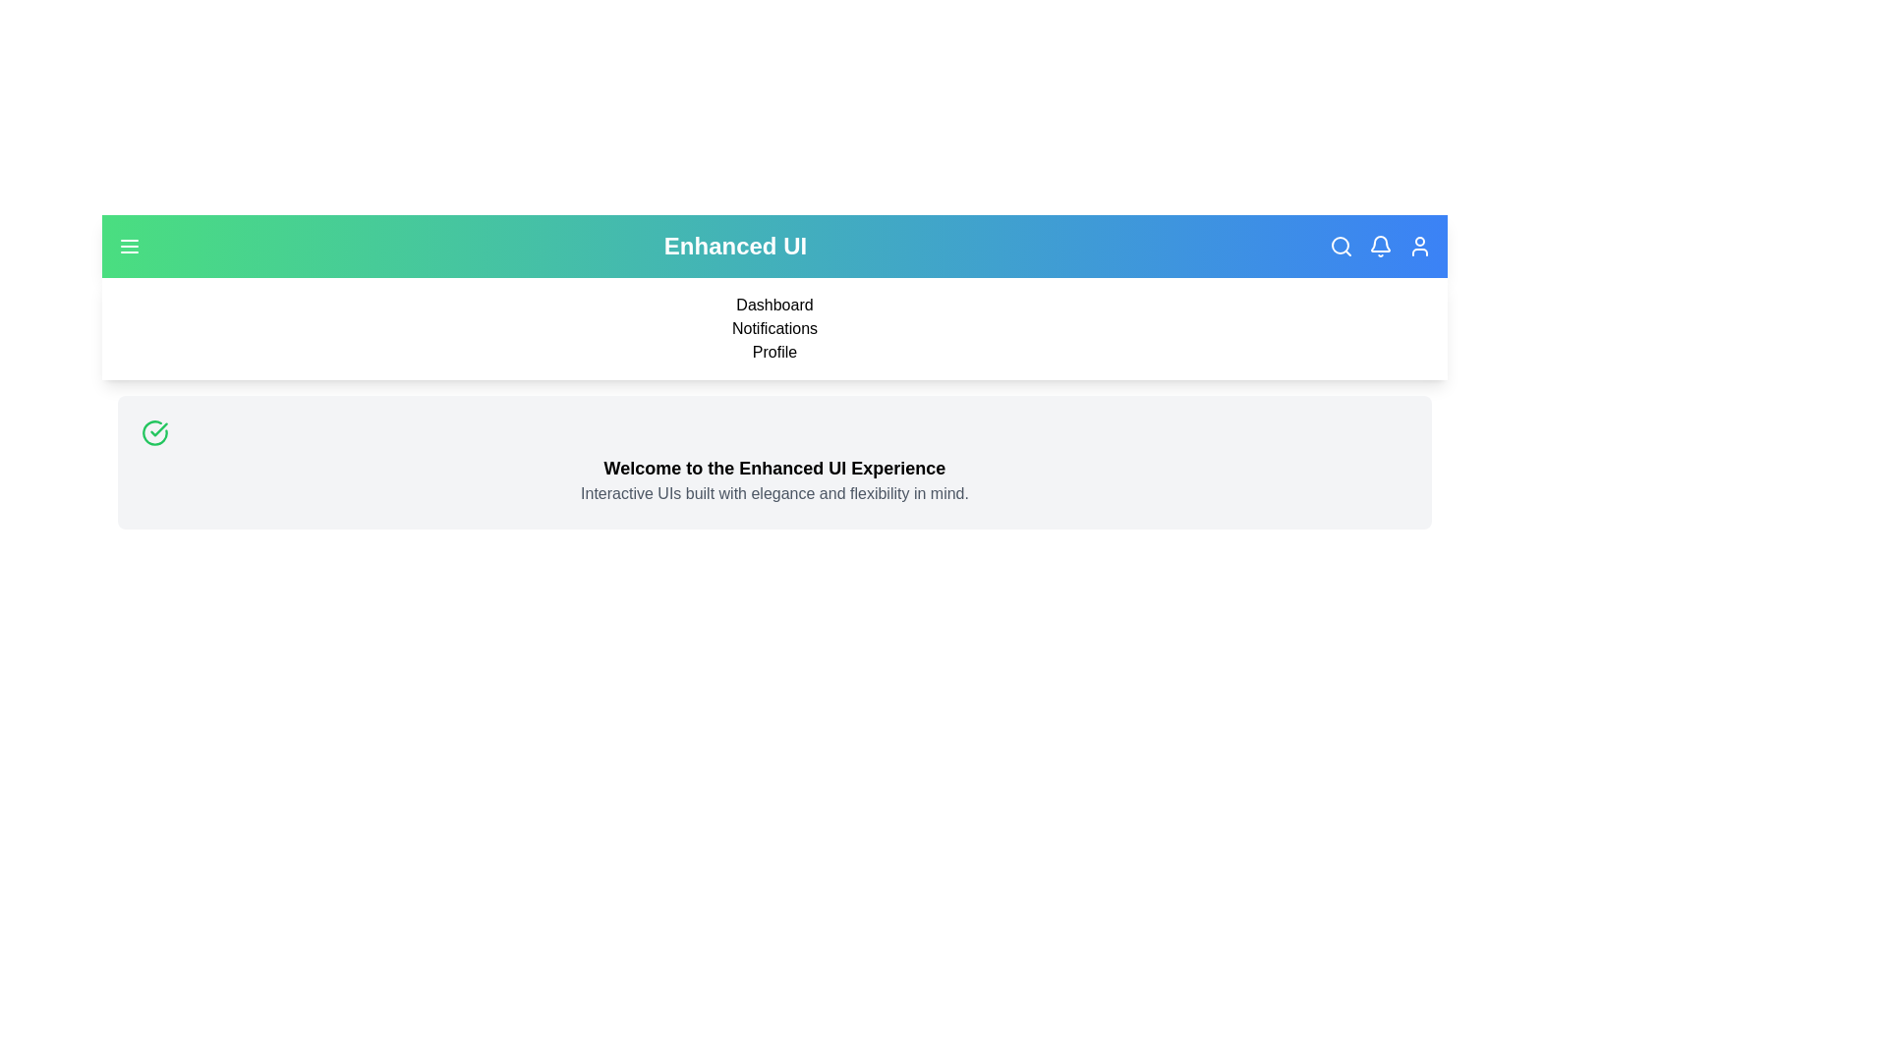 The image size is (1887, 1061). Describe the element at coordinates (1340, 245) in the screenshot. I see `the search icon to focus on the search functionality` at that location.